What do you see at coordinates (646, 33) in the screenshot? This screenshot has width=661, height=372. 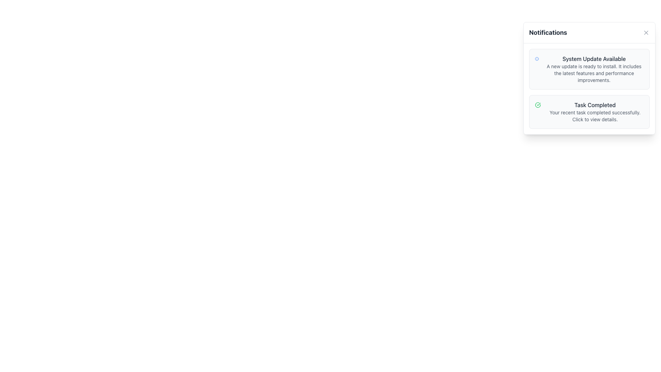 I see `the close button represented as an 'X' icon in the upper-right corner of the Notifications panel to observe its styling changes` at bounding box center [646, 33].